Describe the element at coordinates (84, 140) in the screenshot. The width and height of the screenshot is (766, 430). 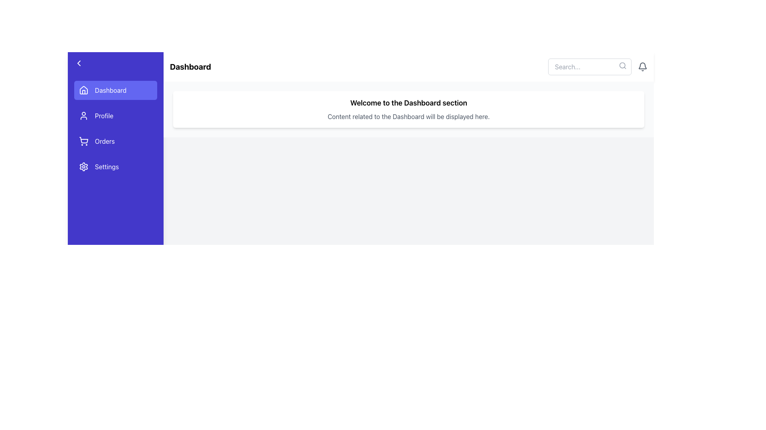
I see `the shopping cart icon located to the left of the 'Orders' label in the sidebar, which features a bold outline and two circular wheels` at that location.